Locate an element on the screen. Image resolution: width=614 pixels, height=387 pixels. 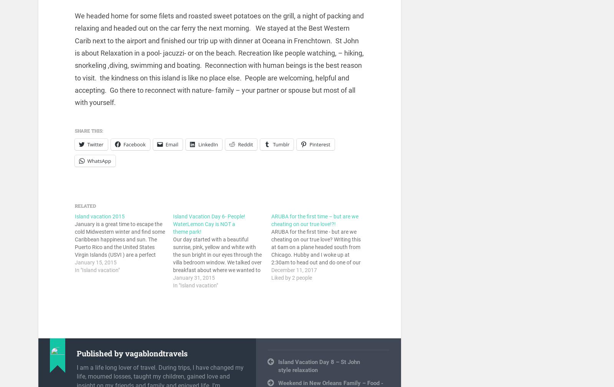
',' is located at coordinates (319, 354).